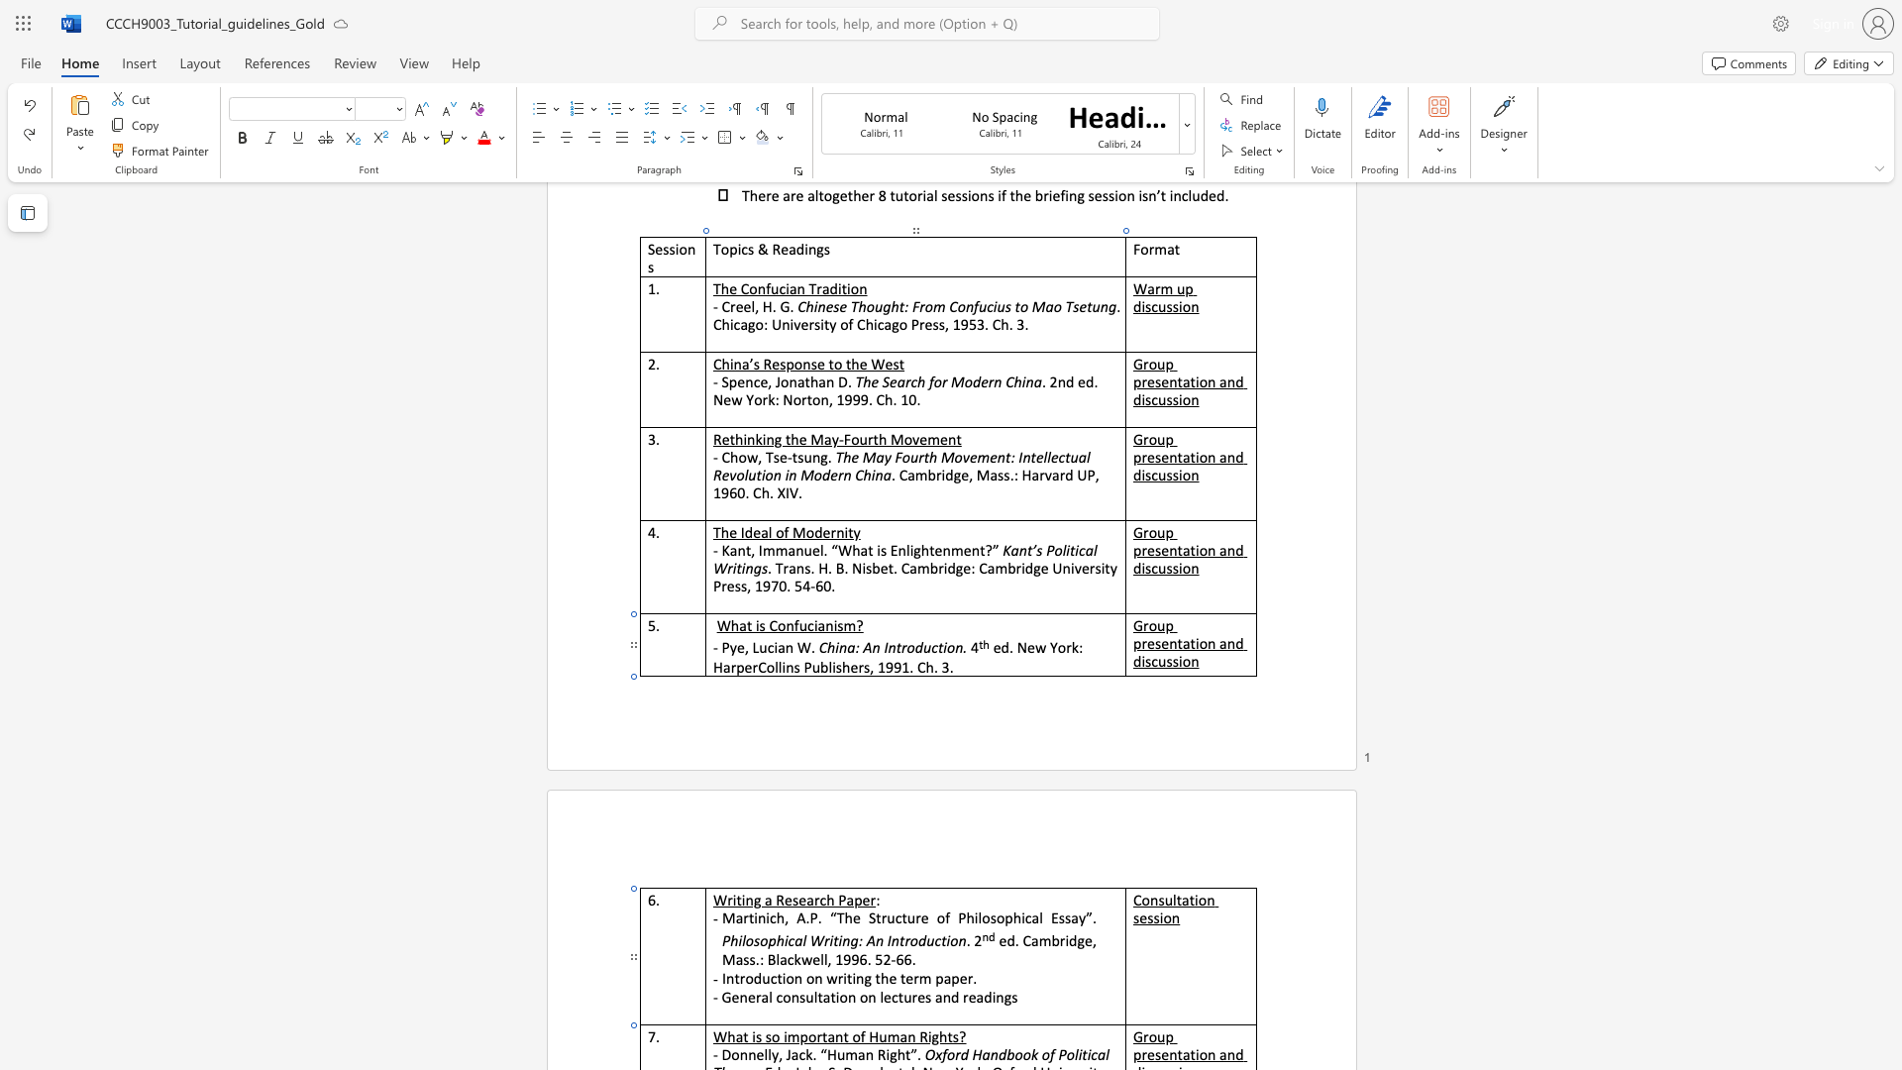 The width and height of the screenshot is (1902, 1070). What do you see at coordinates (938, 977) in the screenshot?
I see `the 1th character "p" in the text` at bounding box center [938, 977].